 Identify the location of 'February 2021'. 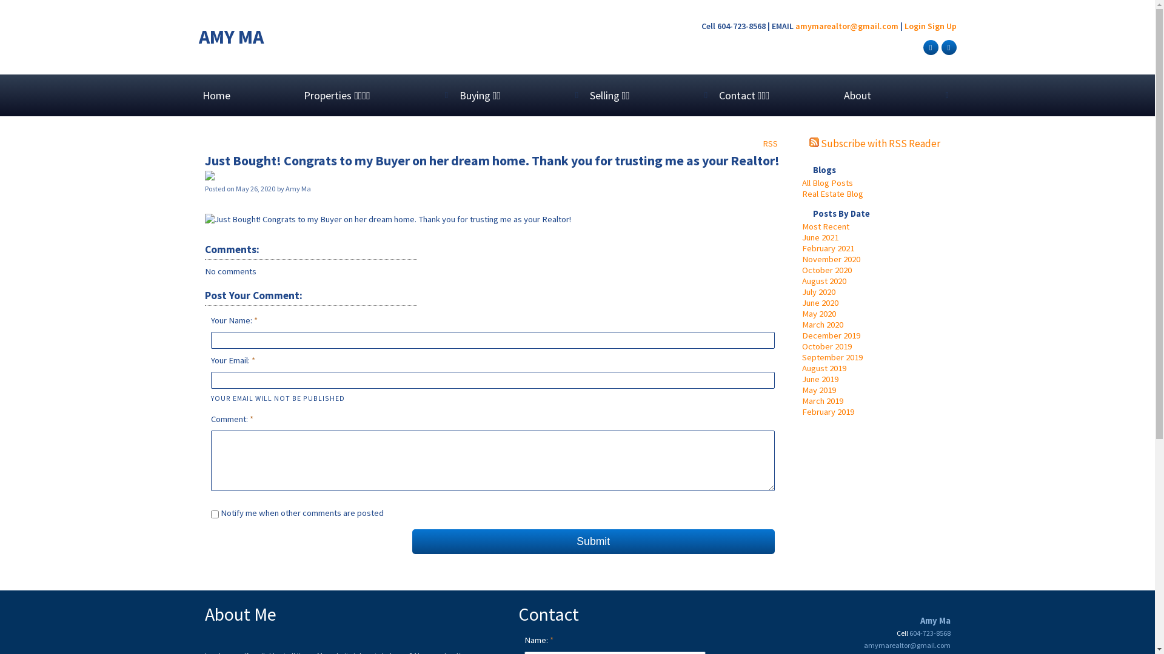
(801, 247).